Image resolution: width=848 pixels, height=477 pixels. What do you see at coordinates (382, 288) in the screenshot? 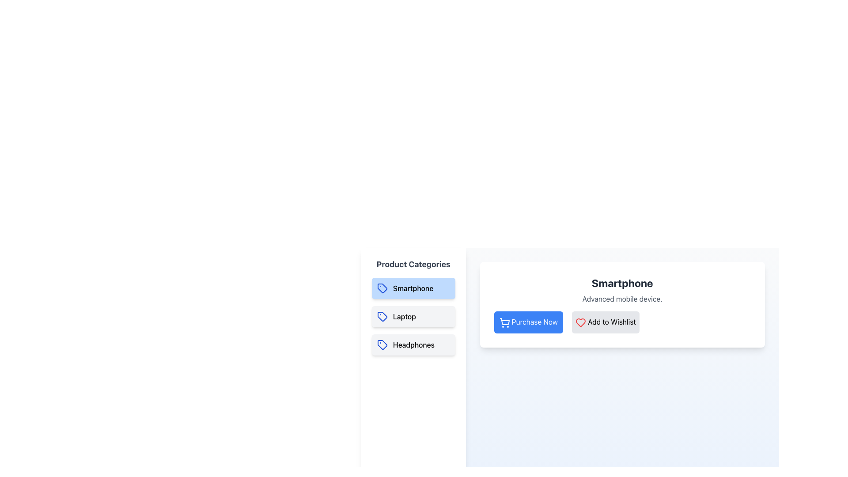
I see `the icon located at the extreme left of the 'Smartphone' button in the product categories list to enhance user recognition of the category type` at bounding box center [382, 288].